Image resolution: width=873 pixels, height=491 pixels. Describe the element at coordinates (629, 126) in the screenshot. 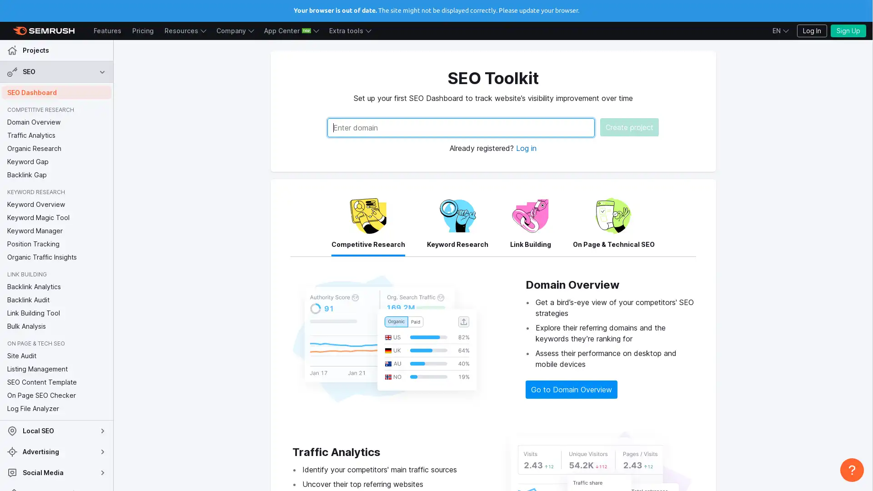

I see `Create project` at that location.